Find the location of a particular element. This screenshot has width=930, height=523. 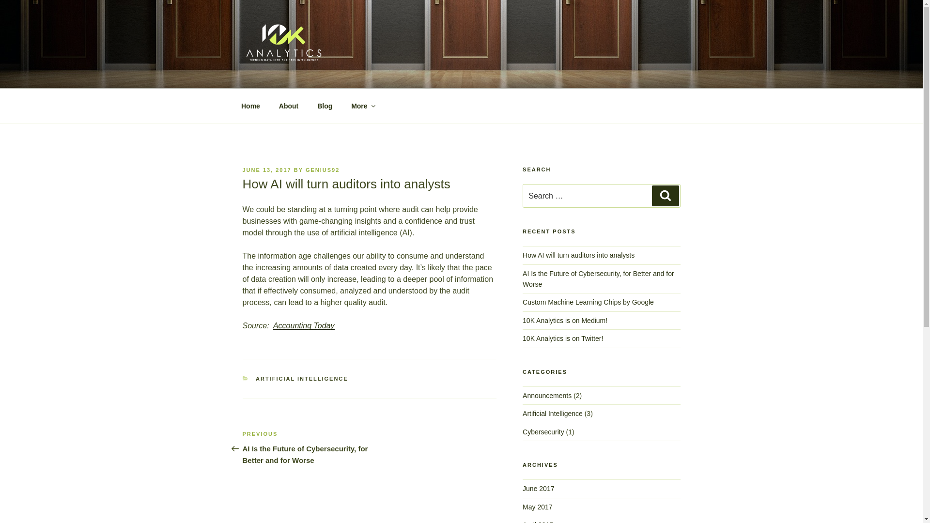

'June 2017' is located at coordinates (538, 489).